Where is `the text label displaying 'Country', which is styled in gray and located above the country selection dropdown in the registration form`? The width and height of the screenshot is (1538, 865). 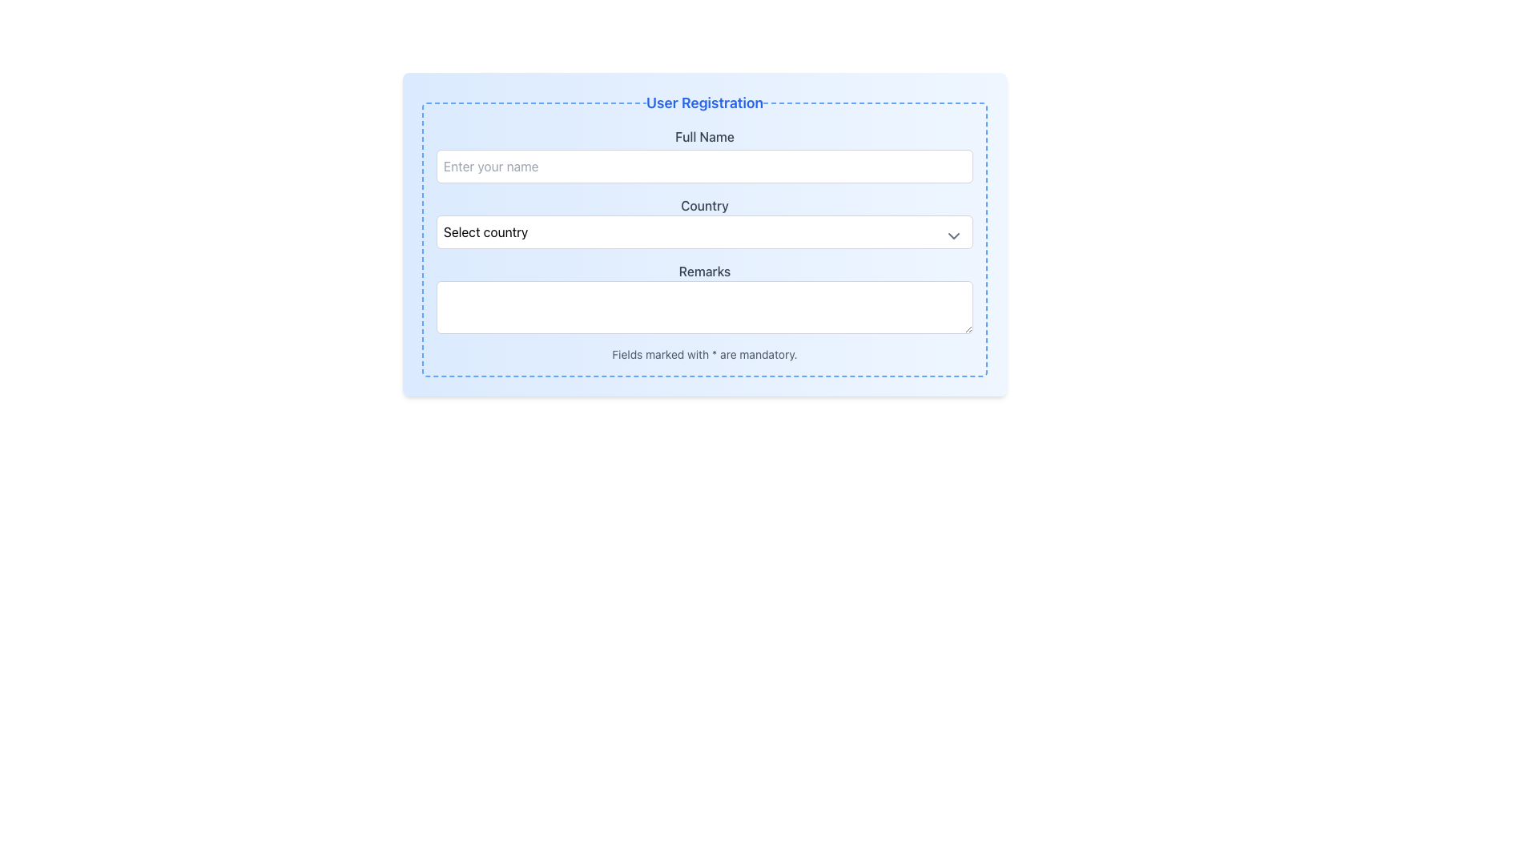
the text label displaying 'Country', which is styled in gray and located above the country selection dropdown in the registration form is located at coordinates (704, 205).